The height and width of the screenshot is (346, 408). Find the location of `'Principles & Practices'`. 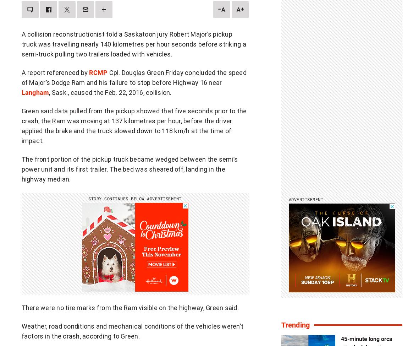

'Principles & Practices' is located at coordinates (62, 306).